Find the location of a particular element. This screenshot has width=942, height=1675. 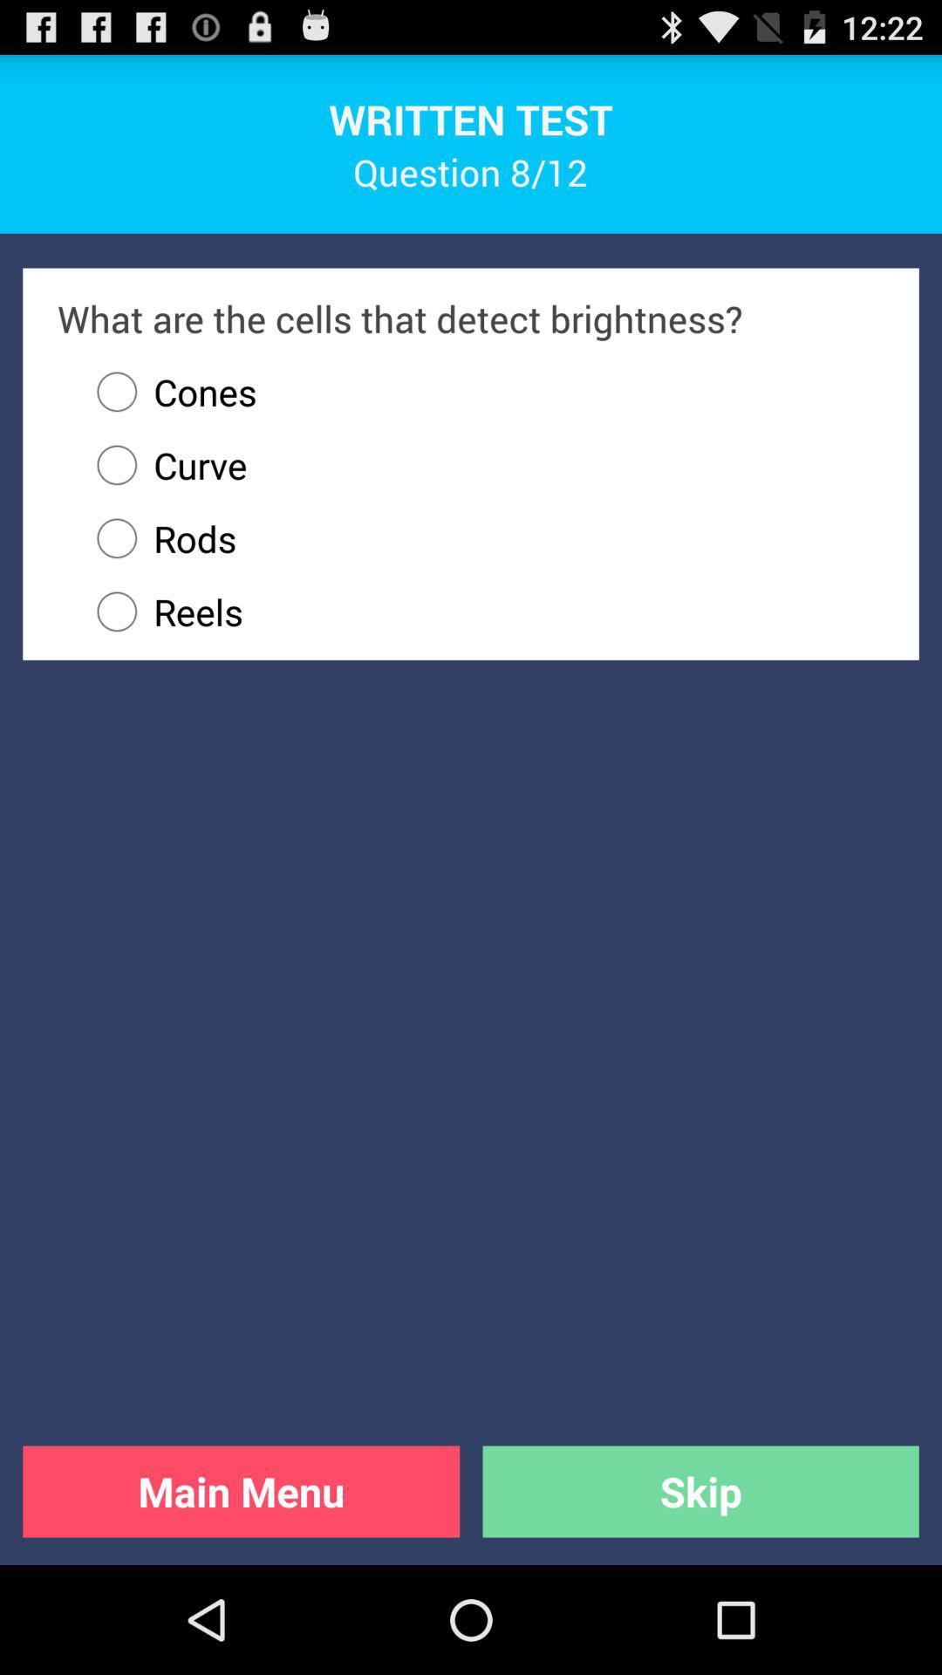

the radio button below the curve is located at coordinates (482, 537).